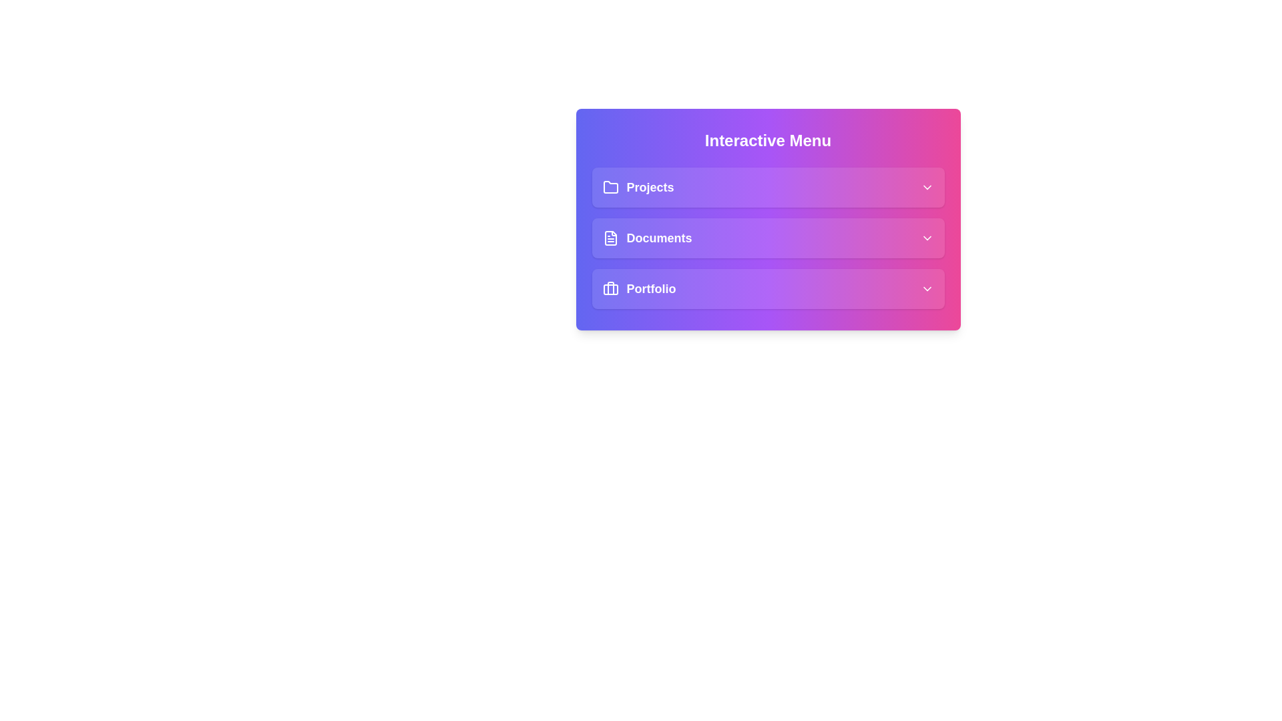  What do you see at coordinates (650, 188) in the screenshot?
I see `the 'Projects' text label, which is located in the first row of the vertically stacked menu section, right of the folder icon and below the 'Interactive Menu' heading` at bounding box center [650, 188].